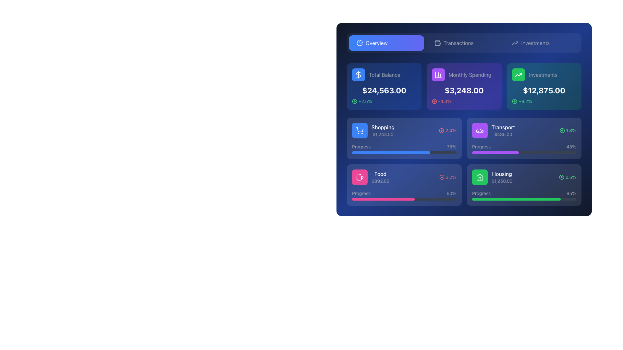  Describe the element at coordinates (383, 199) in the screenshot. I see `the progress bar located in the 'Food' section under the 'Progress' label, which is styled with a pink filled portion and gray background` at that location.